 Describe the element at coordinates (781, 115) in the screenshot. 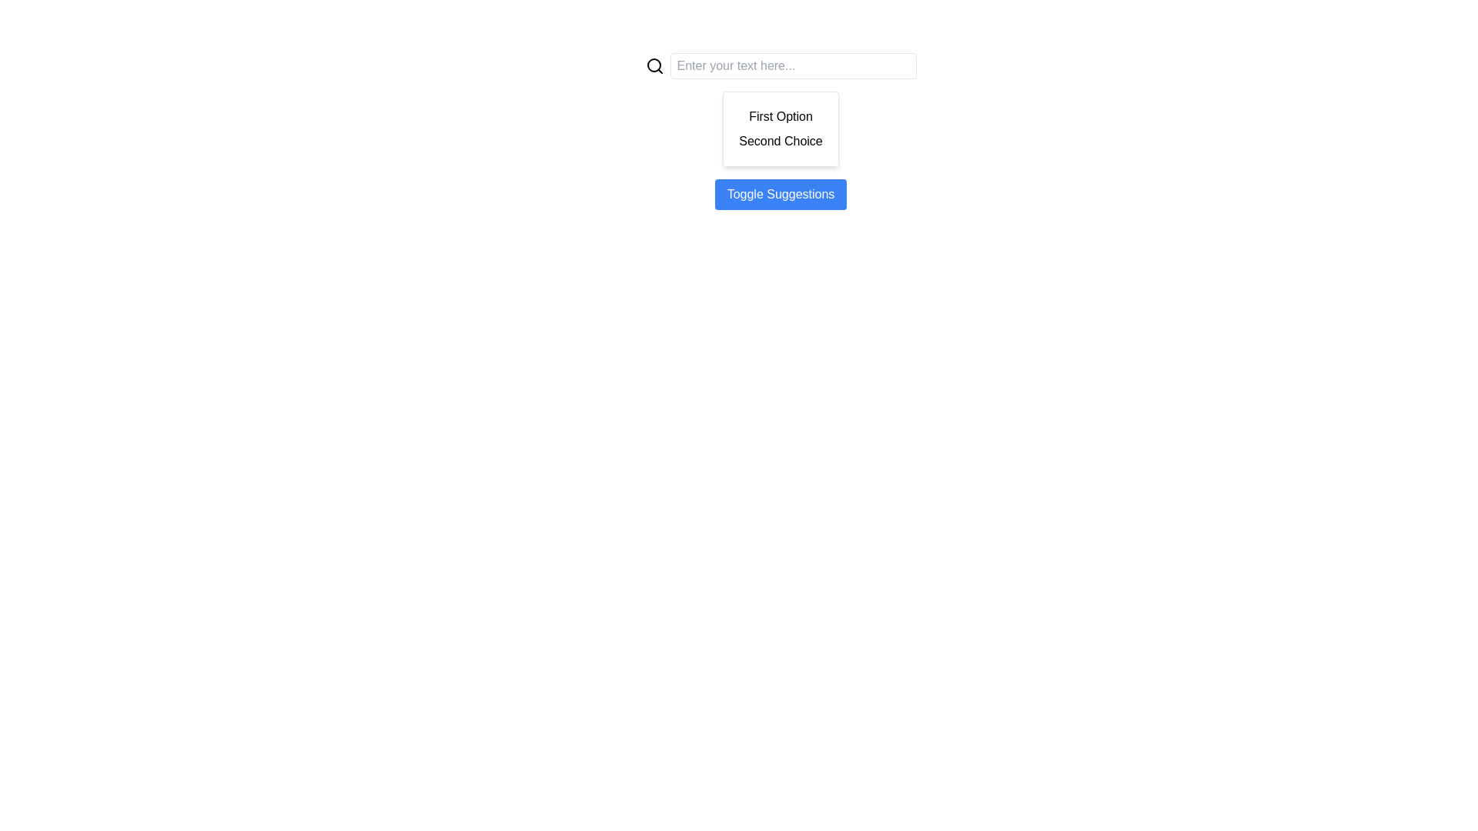

I see `the 'First Option' static text label within the light-grey bordered box` at that location.